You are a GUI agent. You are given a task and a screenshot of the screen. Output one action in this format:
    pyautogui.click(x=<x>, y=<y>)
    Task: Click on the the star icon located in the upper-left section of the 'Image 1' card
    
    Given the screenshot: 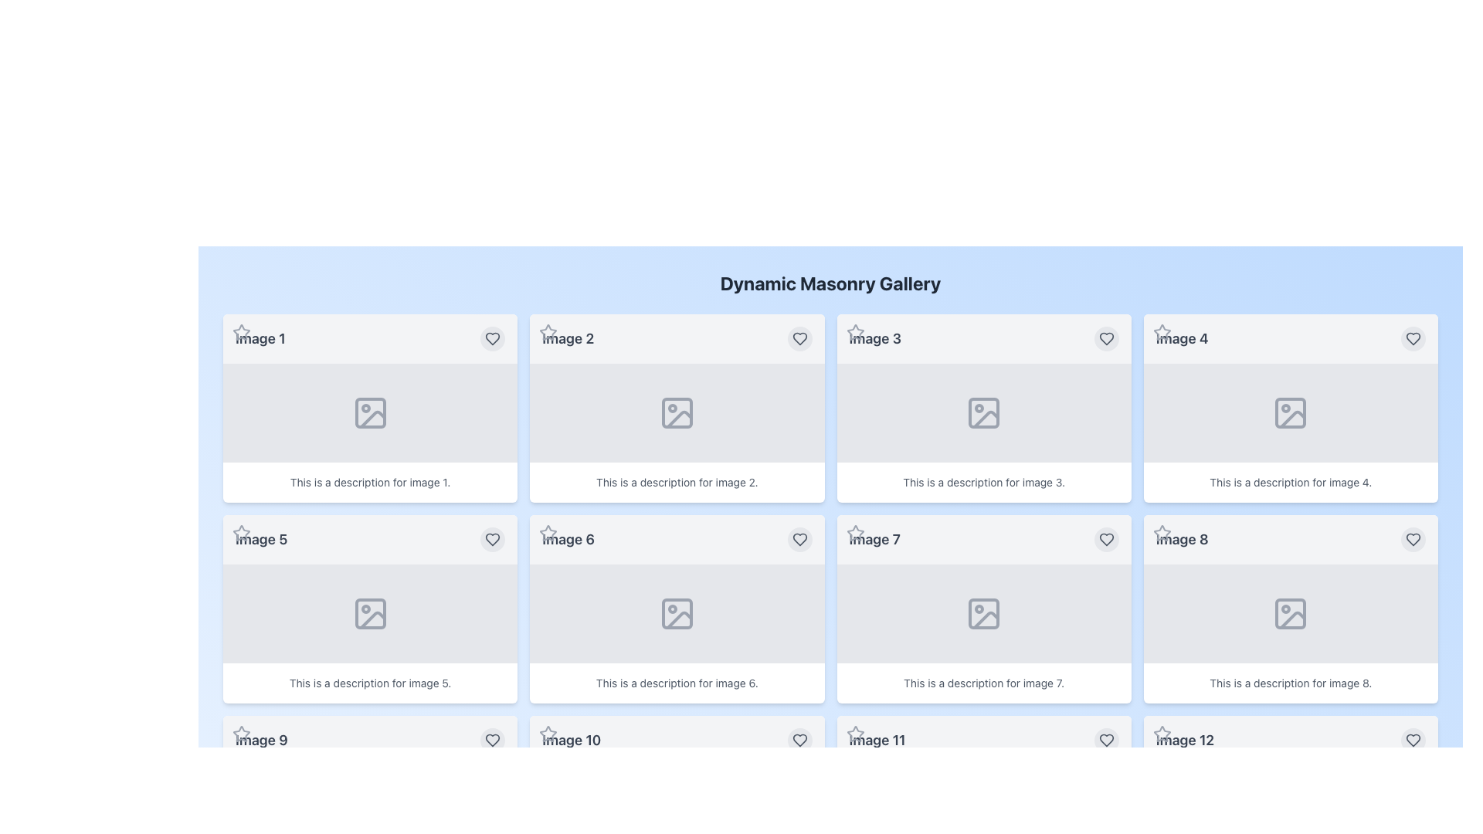 What is the action you would take?
    pyautogui.click(x=240, y=331)
    